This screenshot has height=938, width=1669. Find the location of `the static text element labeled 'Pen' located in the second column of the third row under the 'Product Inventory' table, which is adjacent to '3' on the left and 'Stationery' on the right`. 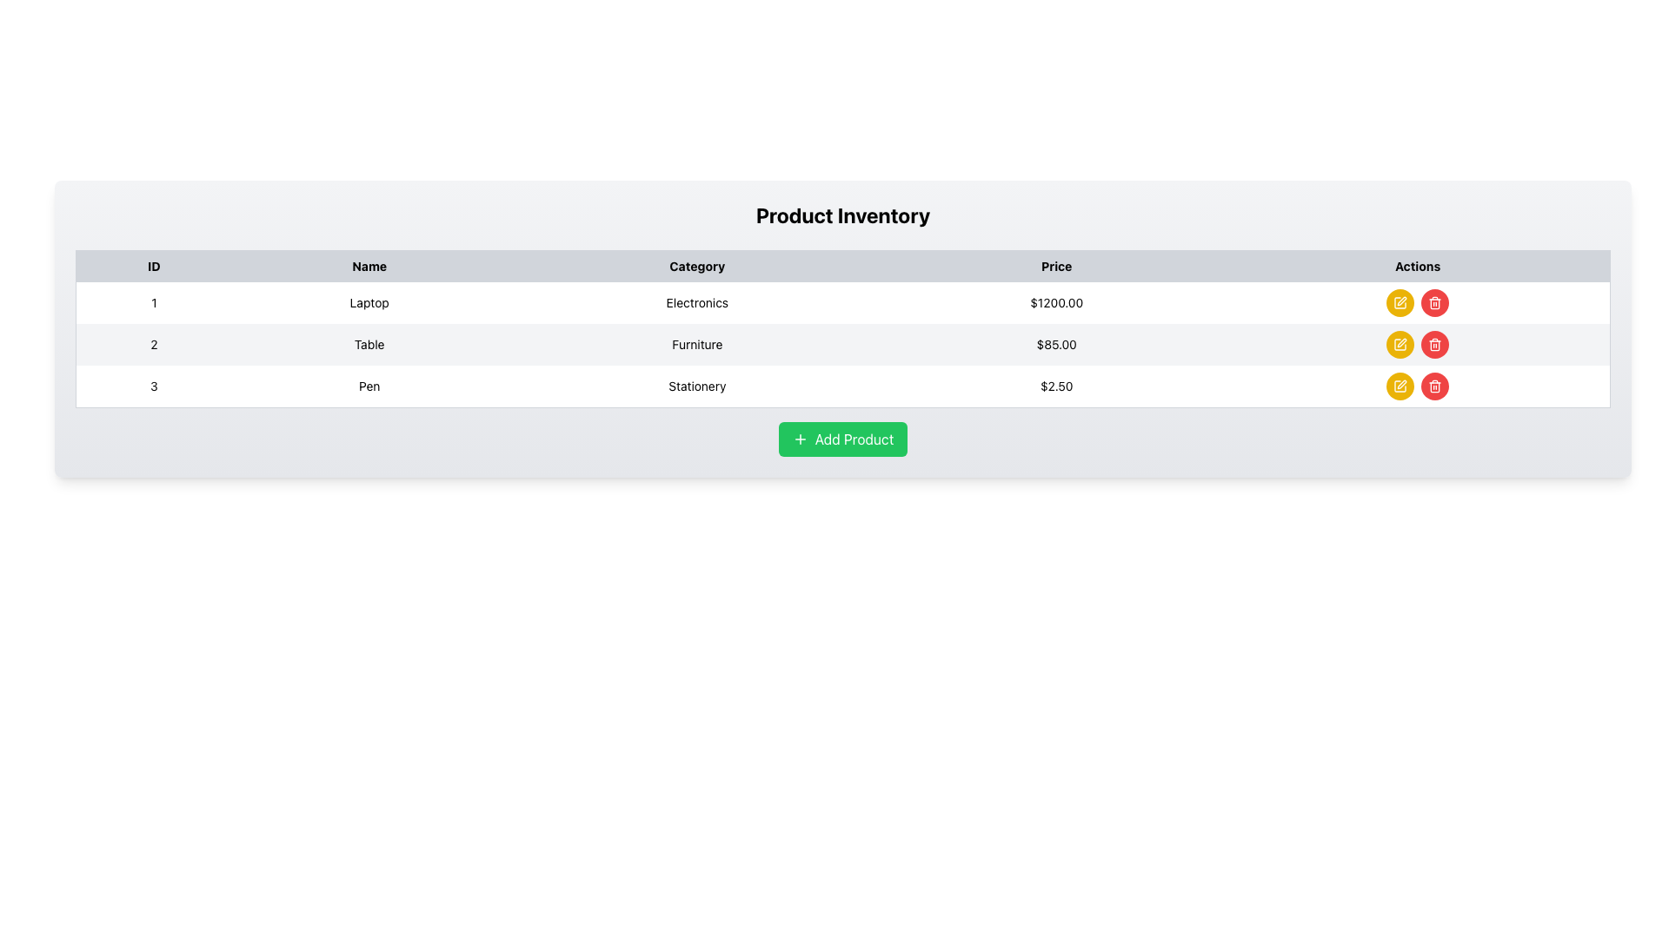

the static text element labeled 'Pen' located in the second column of the third row under the 'Product Inventory' table, which is adjacent to '3' on the left and 'Stationery' on the right is located at coordinates (369, 386).